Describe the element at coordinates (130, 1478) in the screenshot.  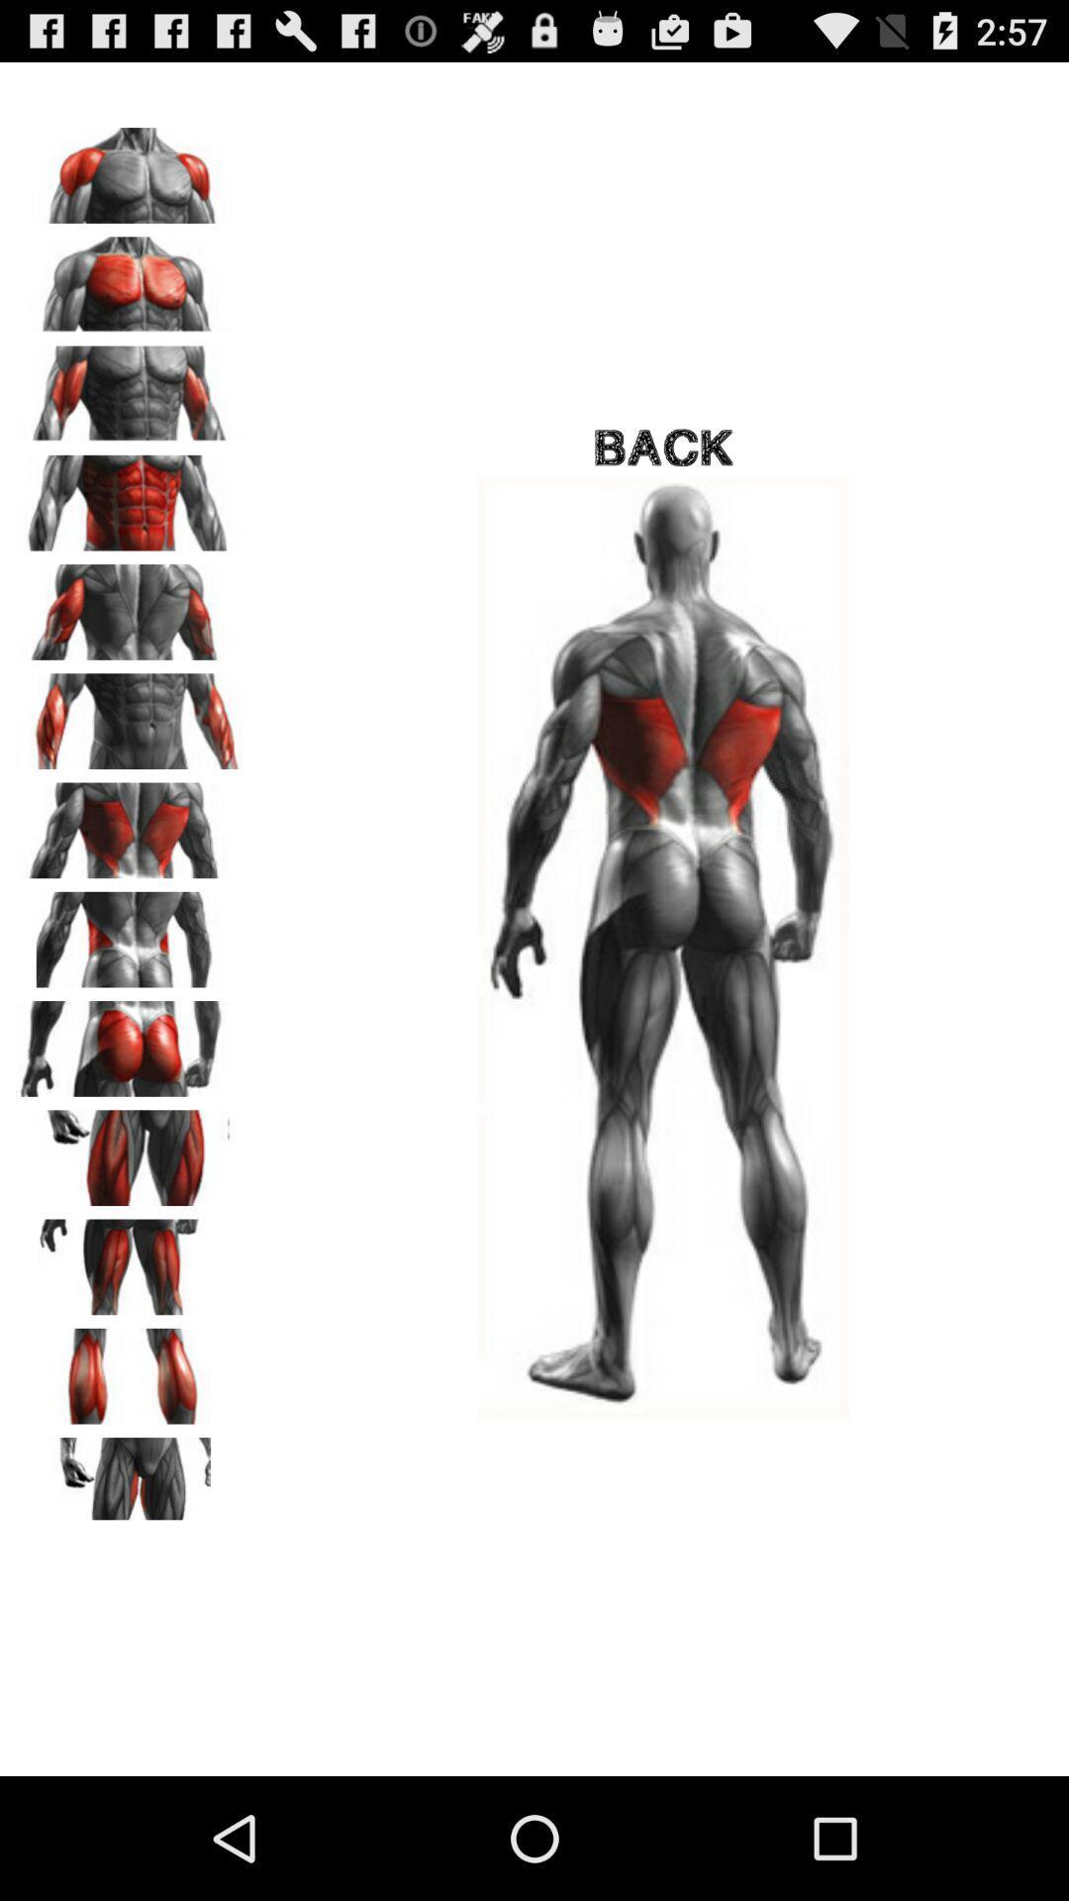
I see `see upper thigh exercises` at that location.